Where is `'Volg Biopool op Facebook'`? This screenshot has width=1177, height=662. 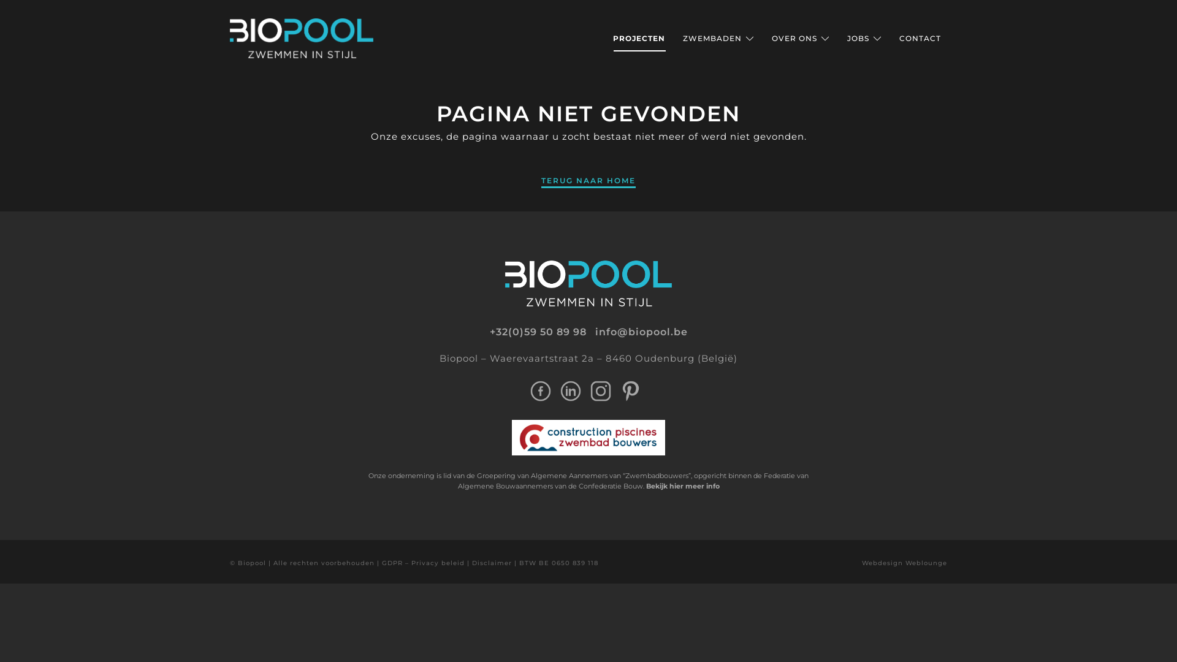
'Volg Biopool op Facebook' is located at coordinates (539, 390).